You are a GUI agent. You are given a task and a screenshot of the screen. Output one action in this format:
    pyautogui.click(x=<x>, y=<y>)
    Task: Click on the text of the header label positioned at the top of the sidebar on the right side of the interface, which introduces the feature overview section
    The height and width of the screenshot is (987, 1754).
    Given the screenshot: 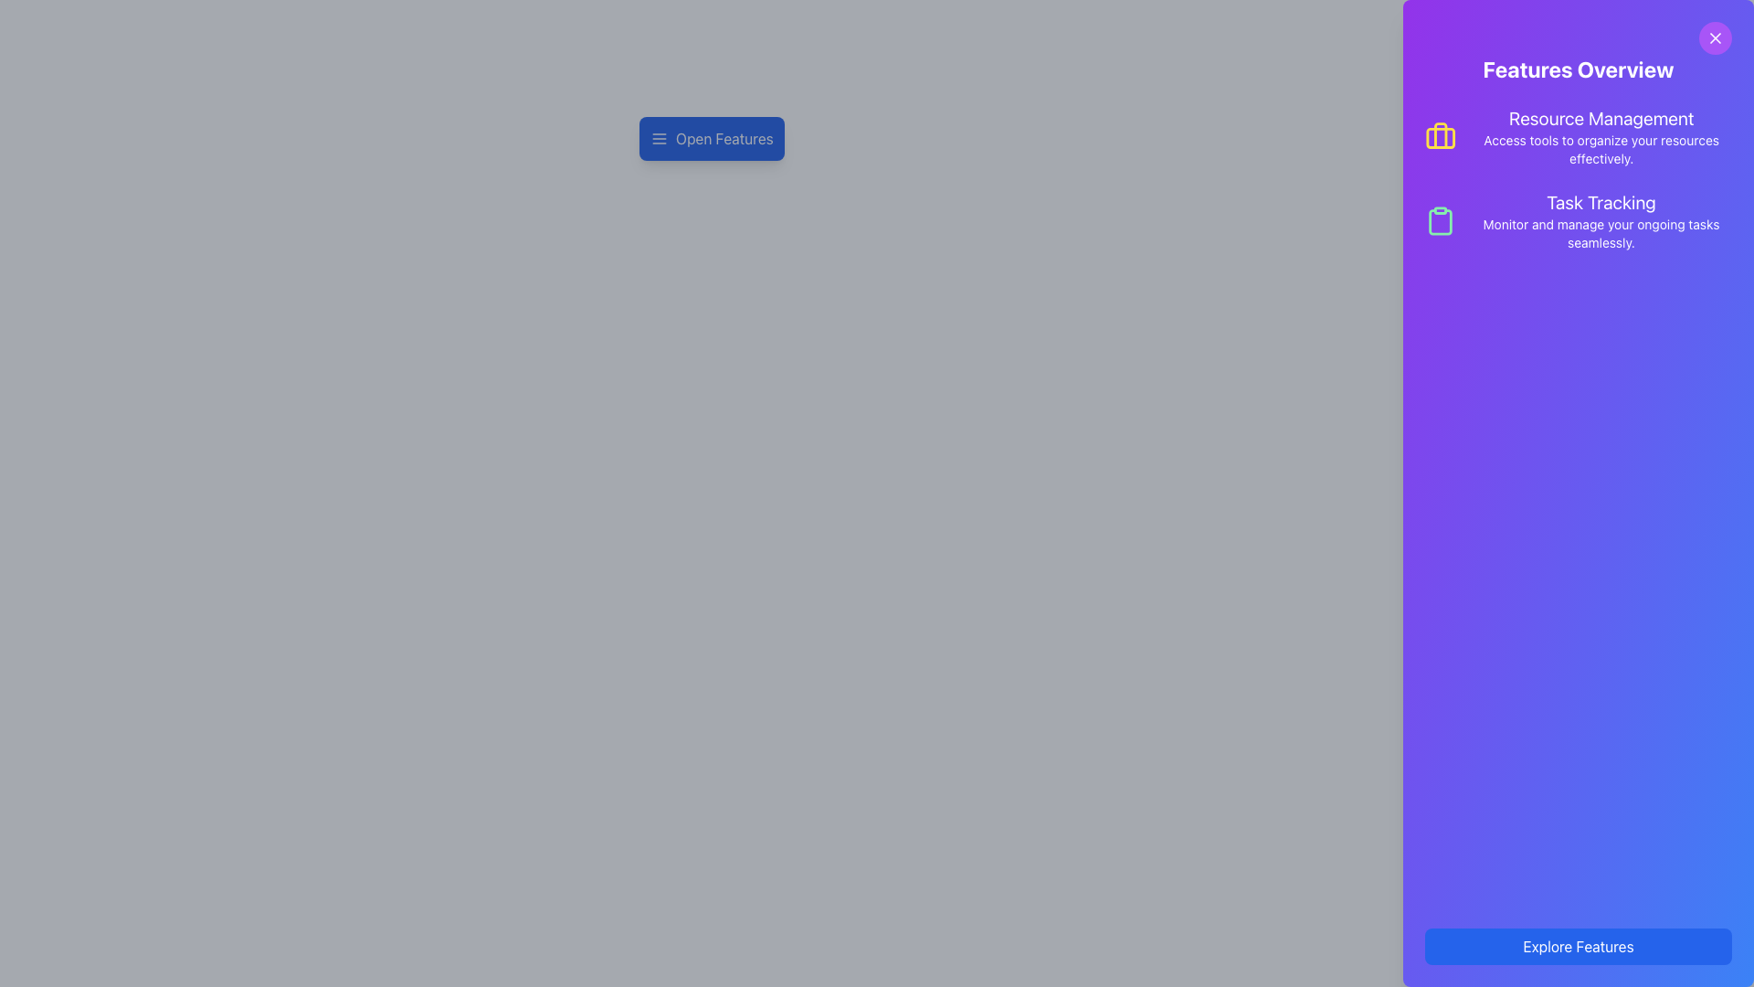 What is the action you would take?
    pyautogui.click(x=1578, y=69)
    